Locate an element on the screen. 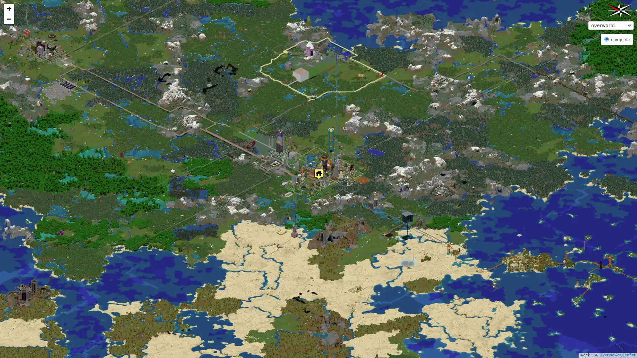  Zoom out is located at coordinates (9, 19).